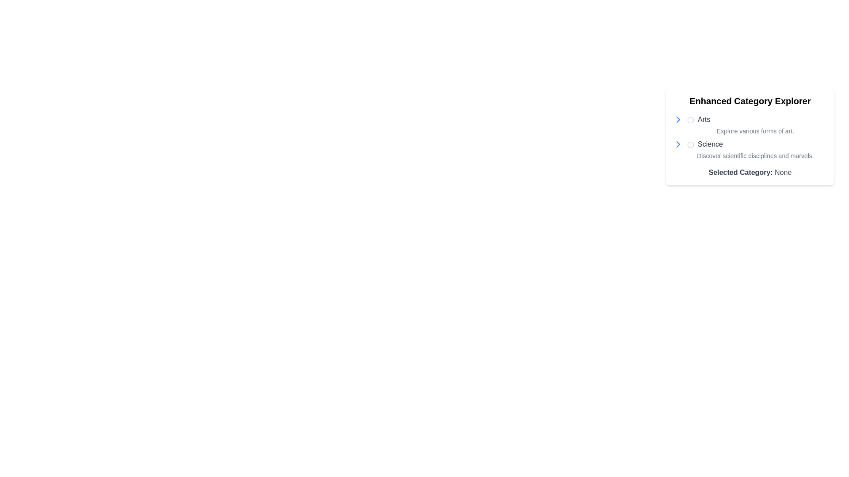 The width and height of the screenshot is (849, 477). Describe the element at coordinates (704, 119) in the screenshot. I see `text content of the 'Arts' category Text Label located to the right of the circular icon in the category selection interface` at that location.